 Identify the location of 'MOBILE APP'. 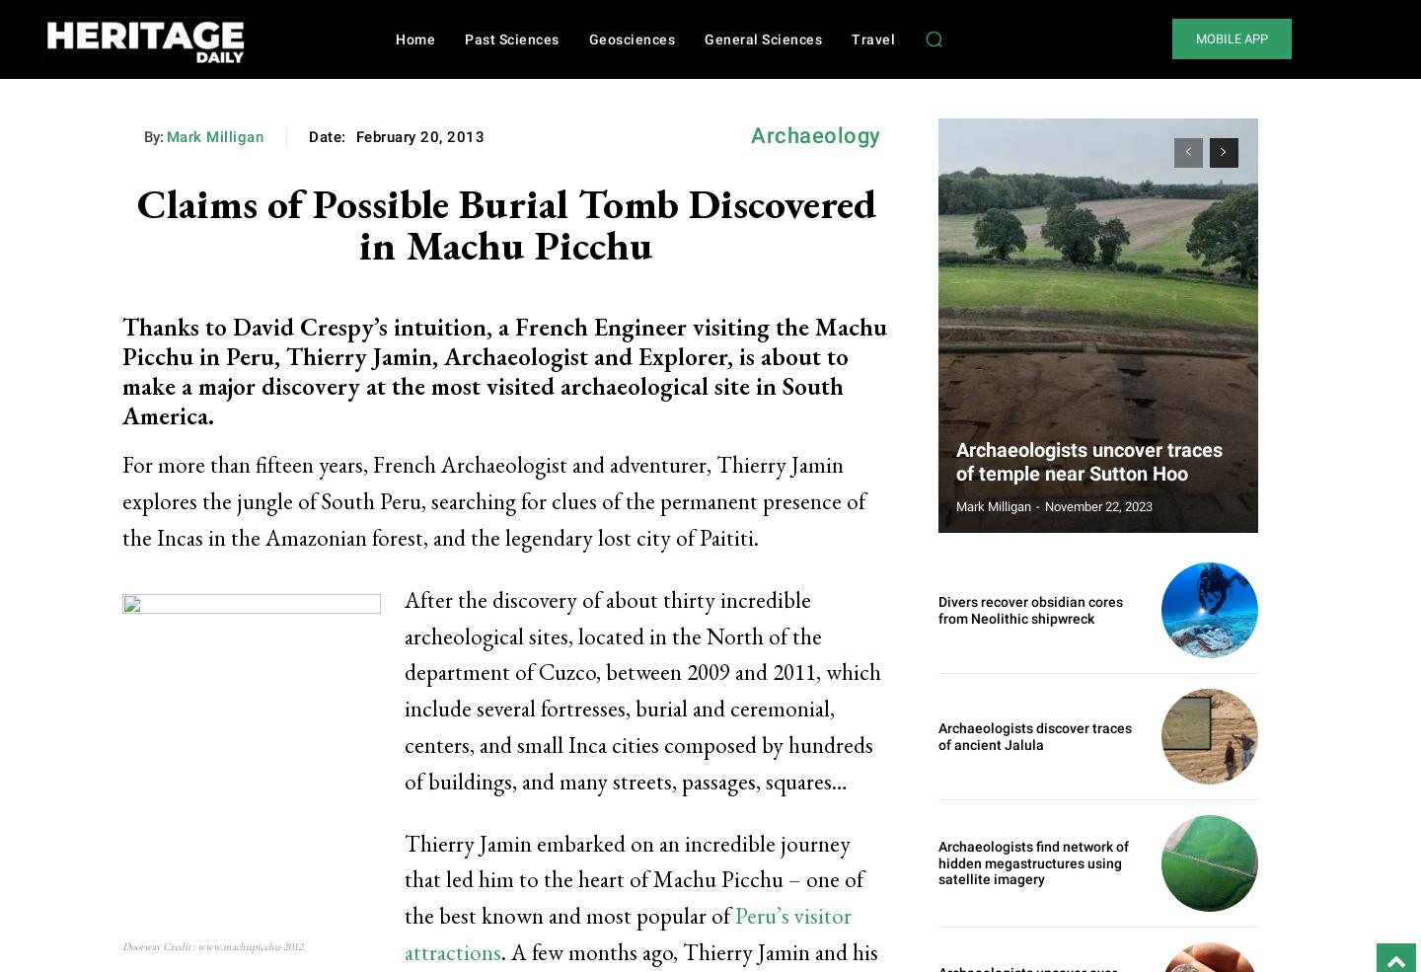
(1230, 37).